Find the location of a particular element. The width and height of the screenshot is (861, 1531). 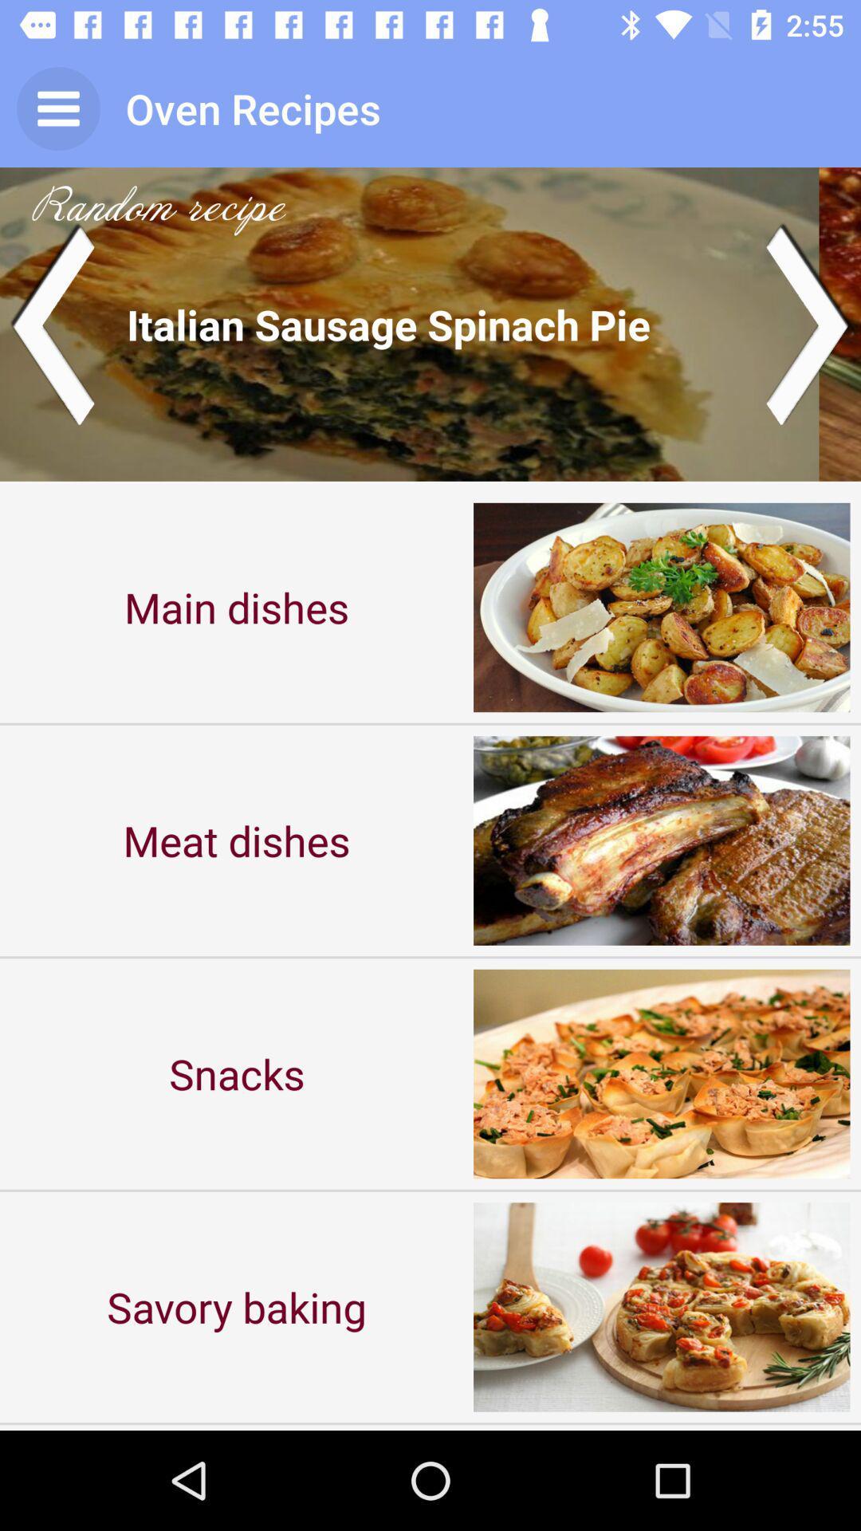

dishes is located at coordinates (431, 323).